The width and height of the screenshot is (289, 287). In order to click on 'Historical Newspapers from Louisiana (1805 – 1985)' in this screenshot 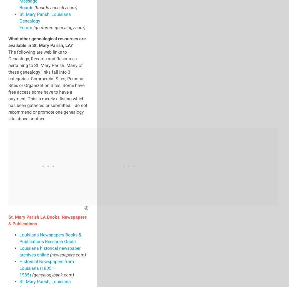, I will do `click(46, 268)`.